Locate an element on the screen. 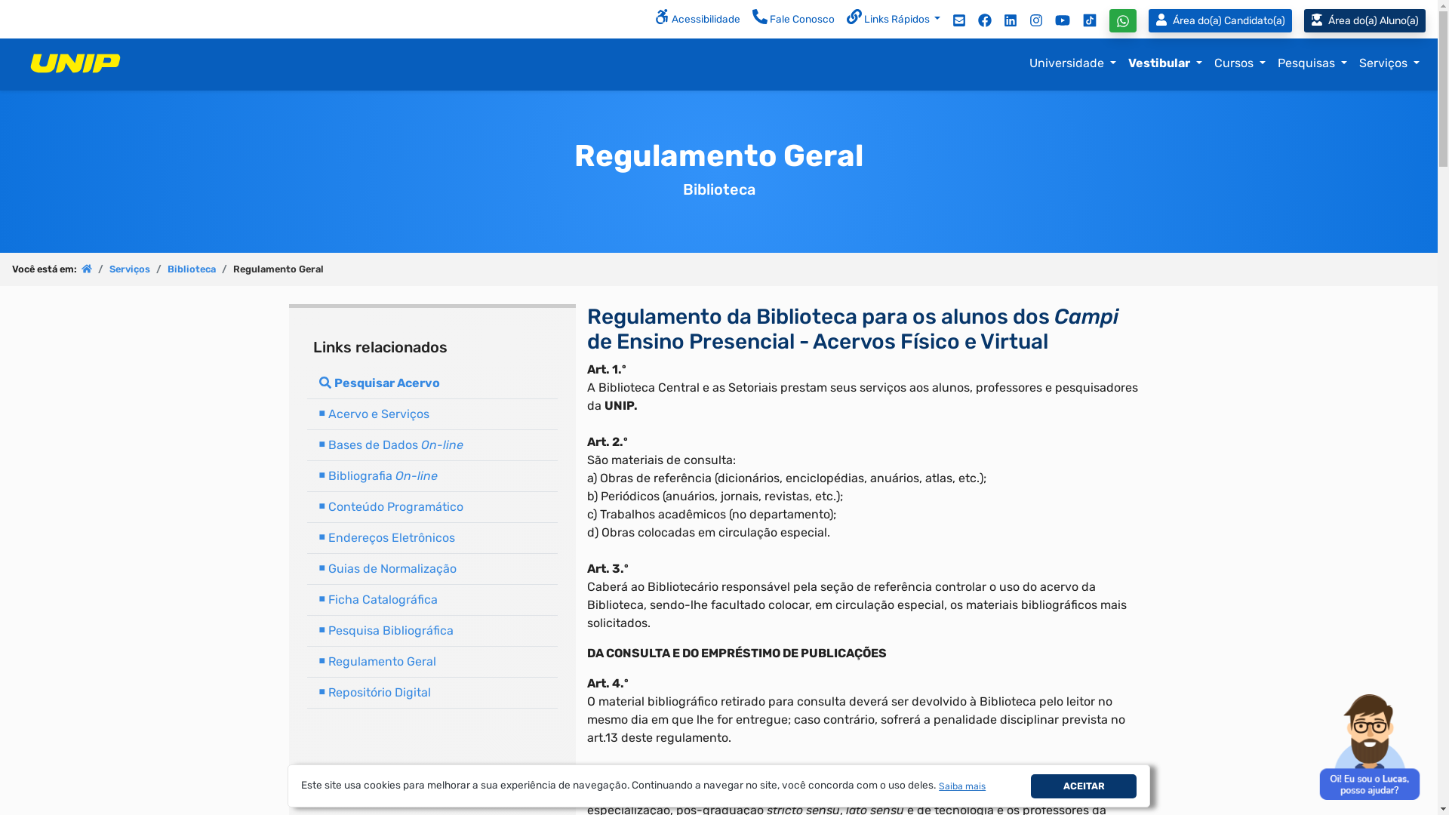 This screenshot has height=815, width=1449. 'Aluno(a)' is located at coordinates (1364, 20).